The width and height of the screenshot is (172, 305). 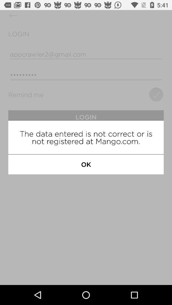 What do you see at coordinates (86, 164) in the screenshot?
I see `the ok icon` at bounding box center [86, 164].